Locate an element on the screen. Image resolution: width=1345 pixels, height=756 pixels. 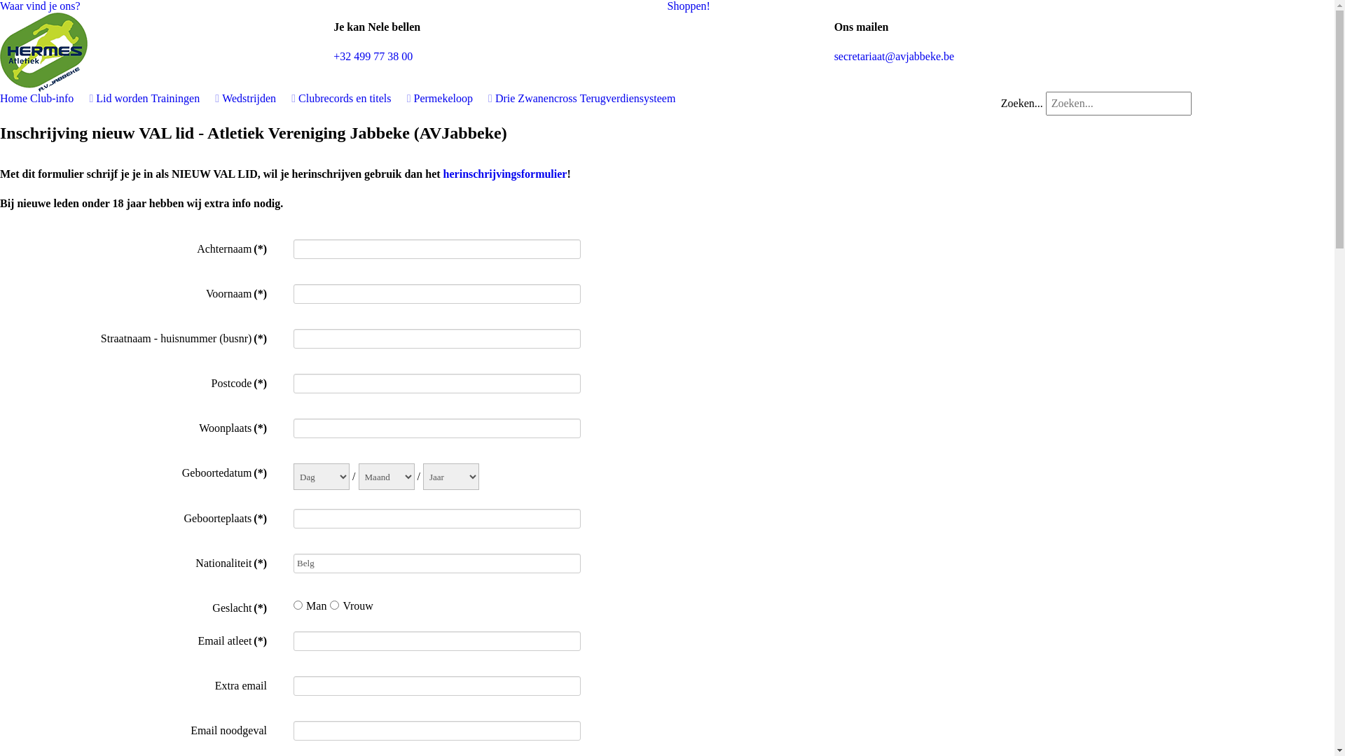
'Wedstrijden' is located at coordinates (221, 97).